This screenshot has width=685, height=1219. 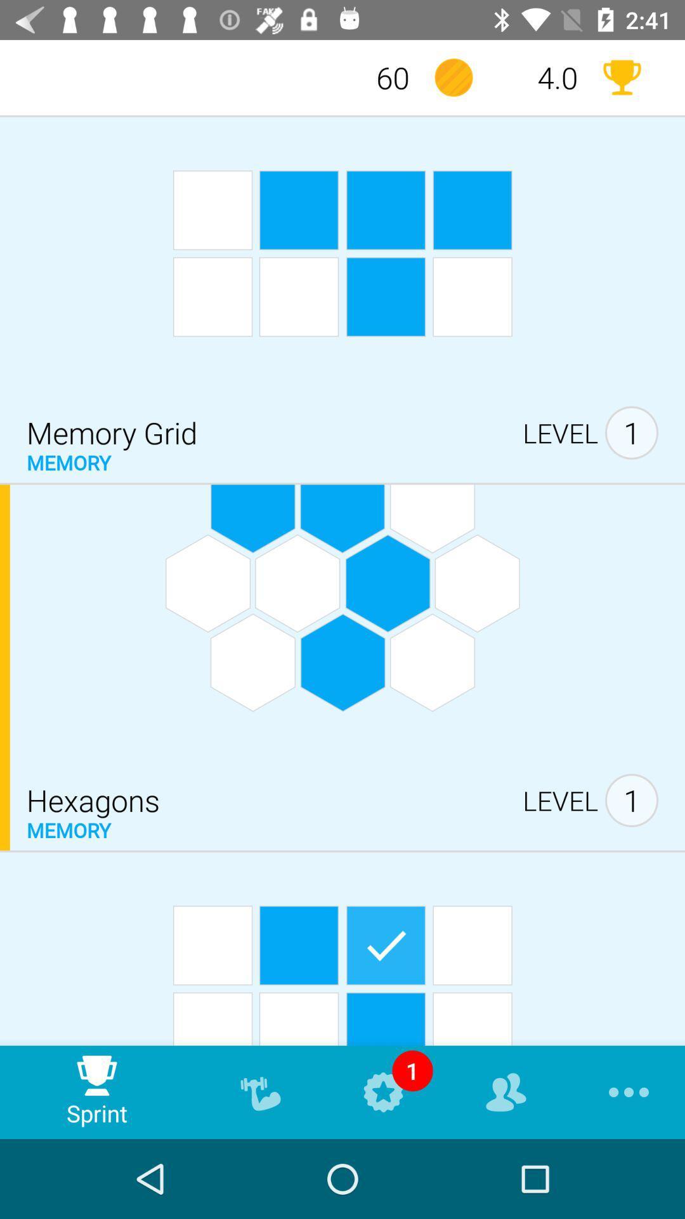 What do you see at coordinates (621, 77) in the screenshot?
I see `awards` at bounding box center [621, 77].